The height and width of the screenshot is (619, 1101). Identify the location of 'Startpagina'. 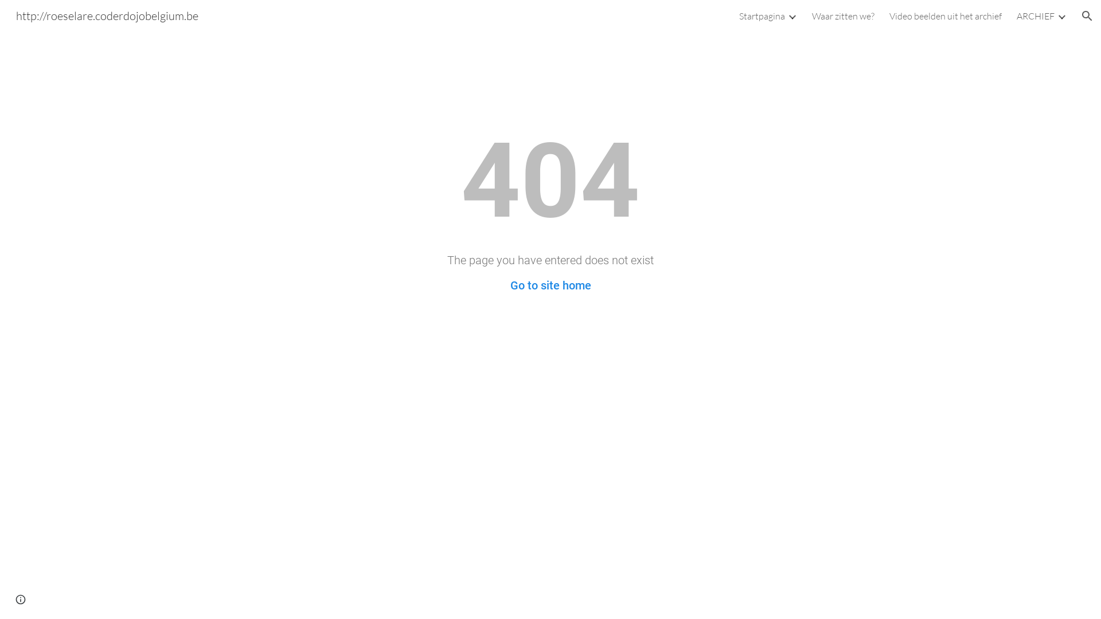
(762, 15).